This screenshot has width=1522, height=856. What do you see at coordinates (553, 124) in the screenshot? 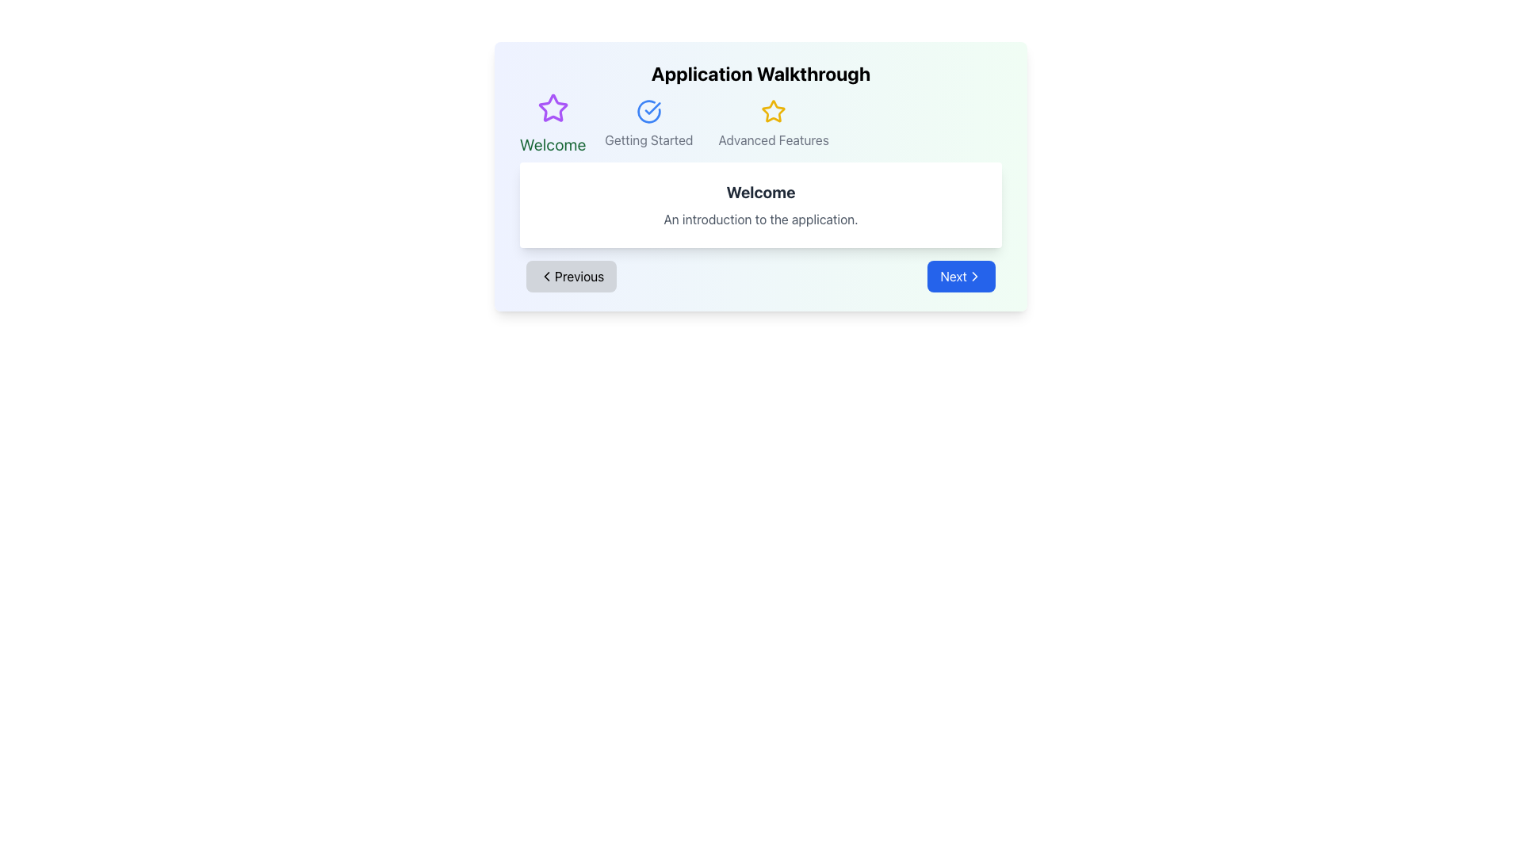
I see `text label 'Welcome' from the Section Header, which is visually distinct with a purple outline star icon and green text below it` at bounding box center [553, 124].